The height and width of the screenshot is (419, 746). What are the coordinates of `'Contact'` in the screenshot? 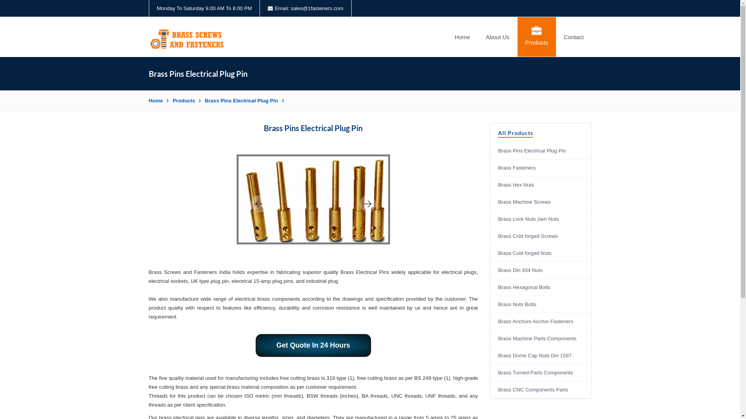 It's located at (574, 37).